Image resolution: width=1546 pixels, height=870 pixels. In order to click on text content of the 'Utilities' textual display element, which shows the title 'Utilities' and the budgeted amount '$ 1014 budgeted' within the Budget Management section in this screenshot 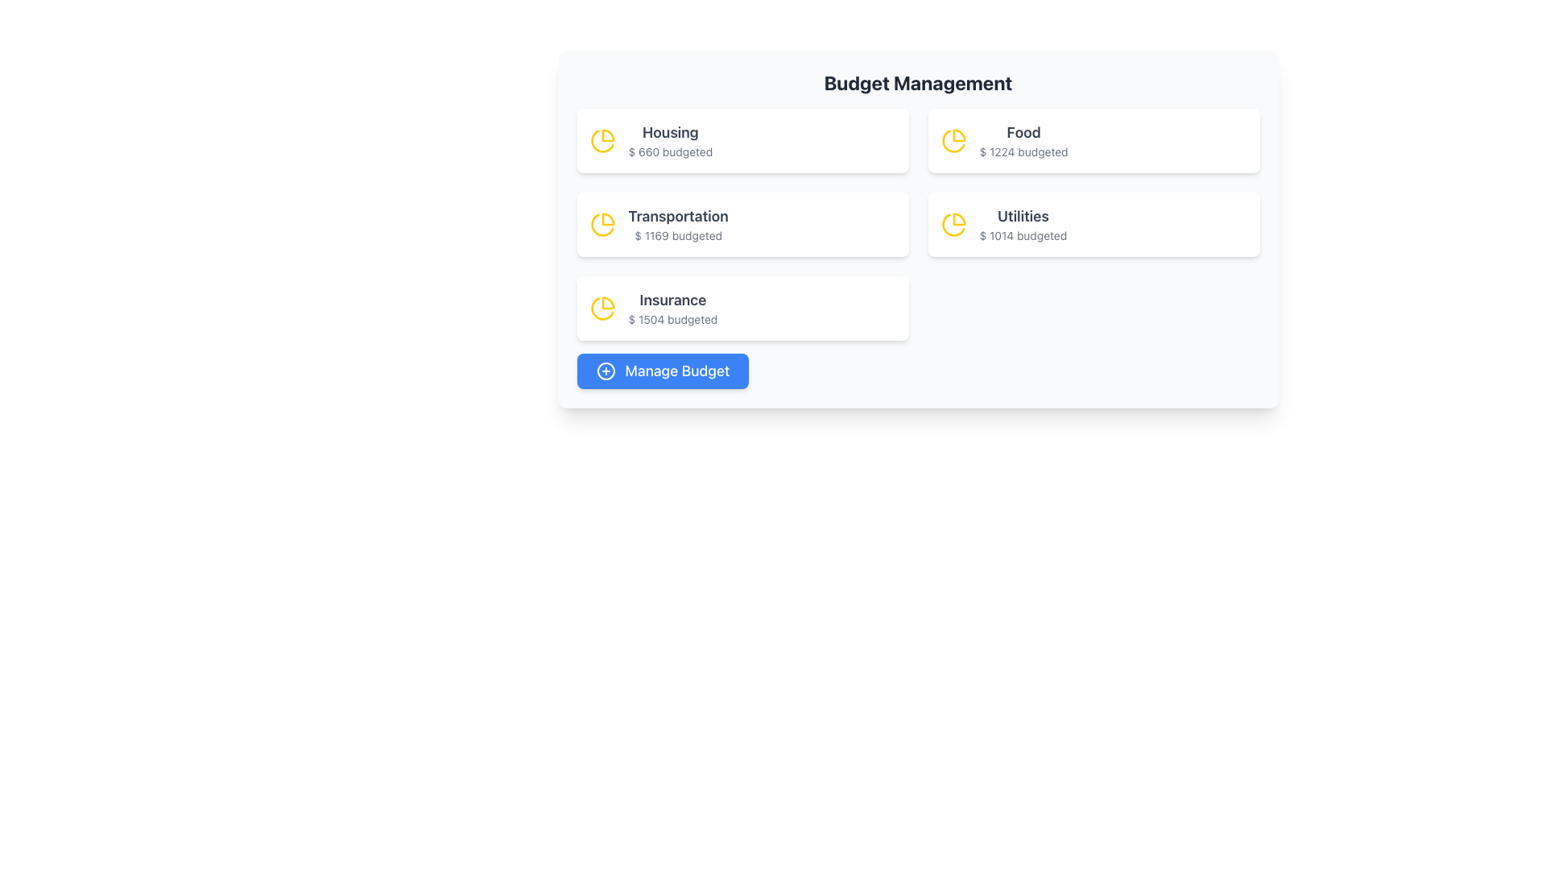, I will do `click(1022, 224)`.